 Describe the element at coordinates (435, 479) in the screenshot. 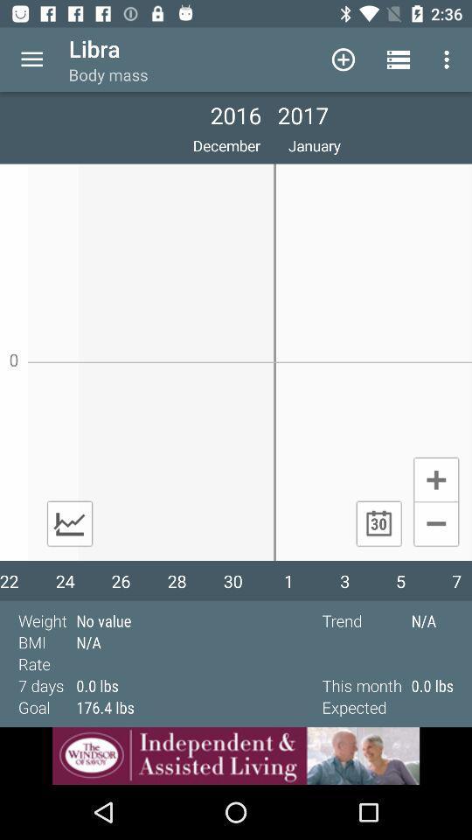

I see `option` at that location.